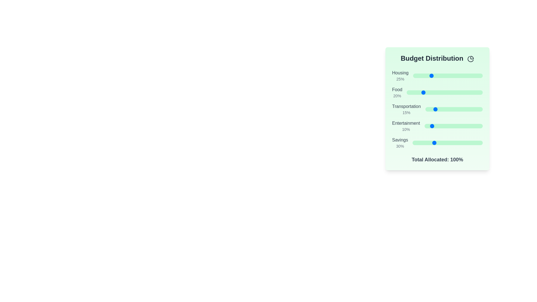  Describe the element at coordinates (406, 107) in the screenshot. I see `the category name Transportation to highlight it` at that location.